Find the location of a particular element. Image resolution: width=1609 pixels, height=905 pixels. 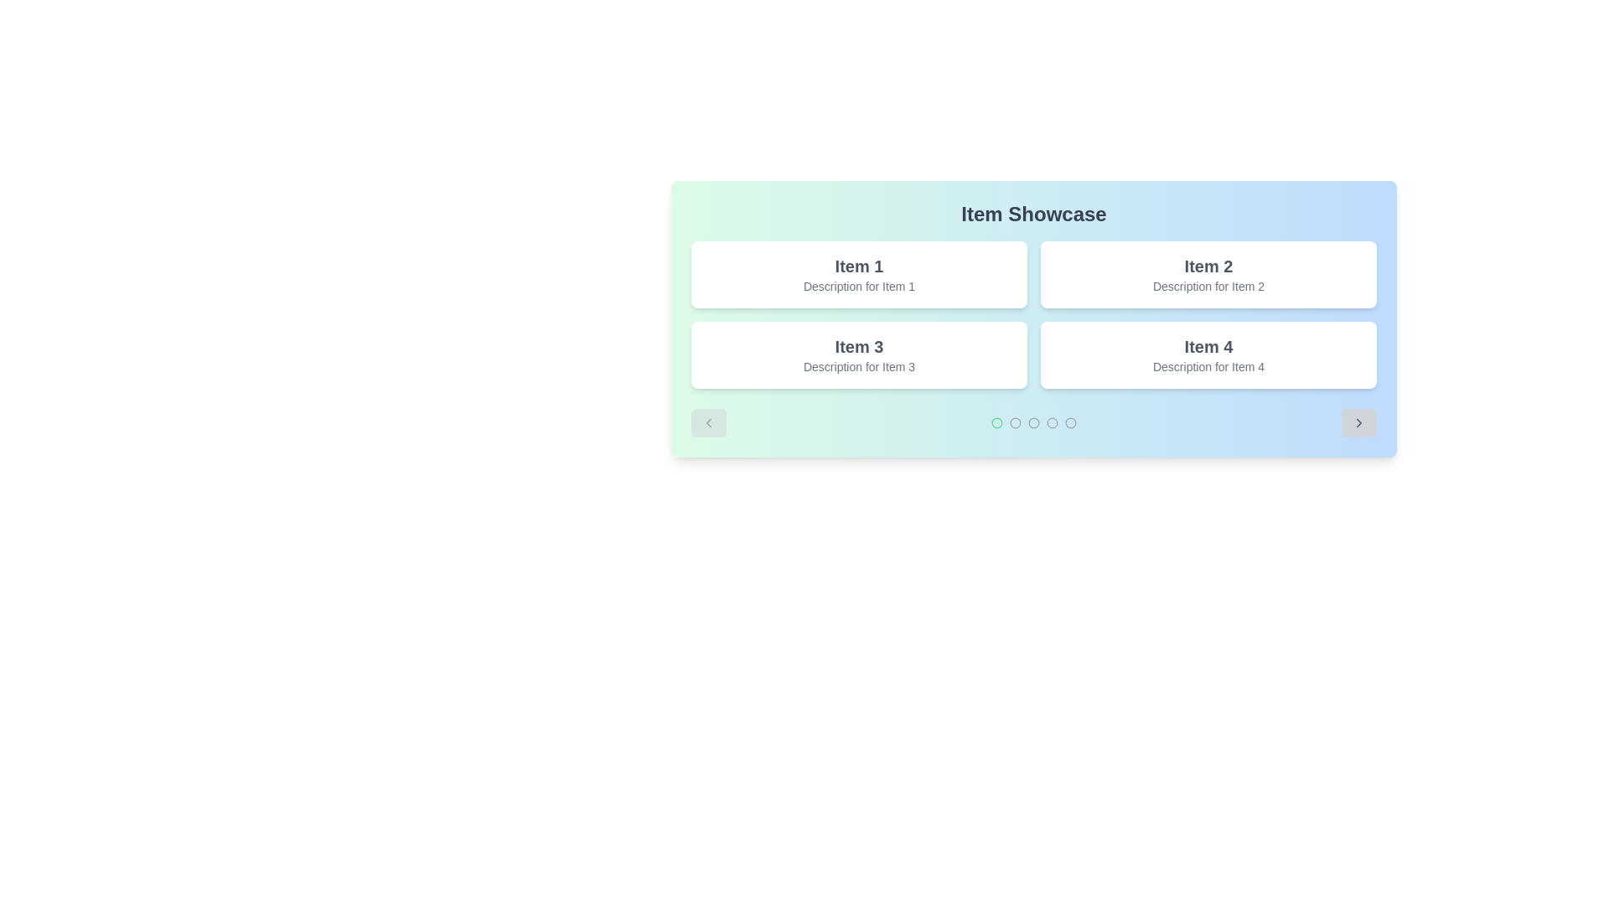

the third navigation circle located at the bottom-center of the interface is located at coordinates (1032, 422).